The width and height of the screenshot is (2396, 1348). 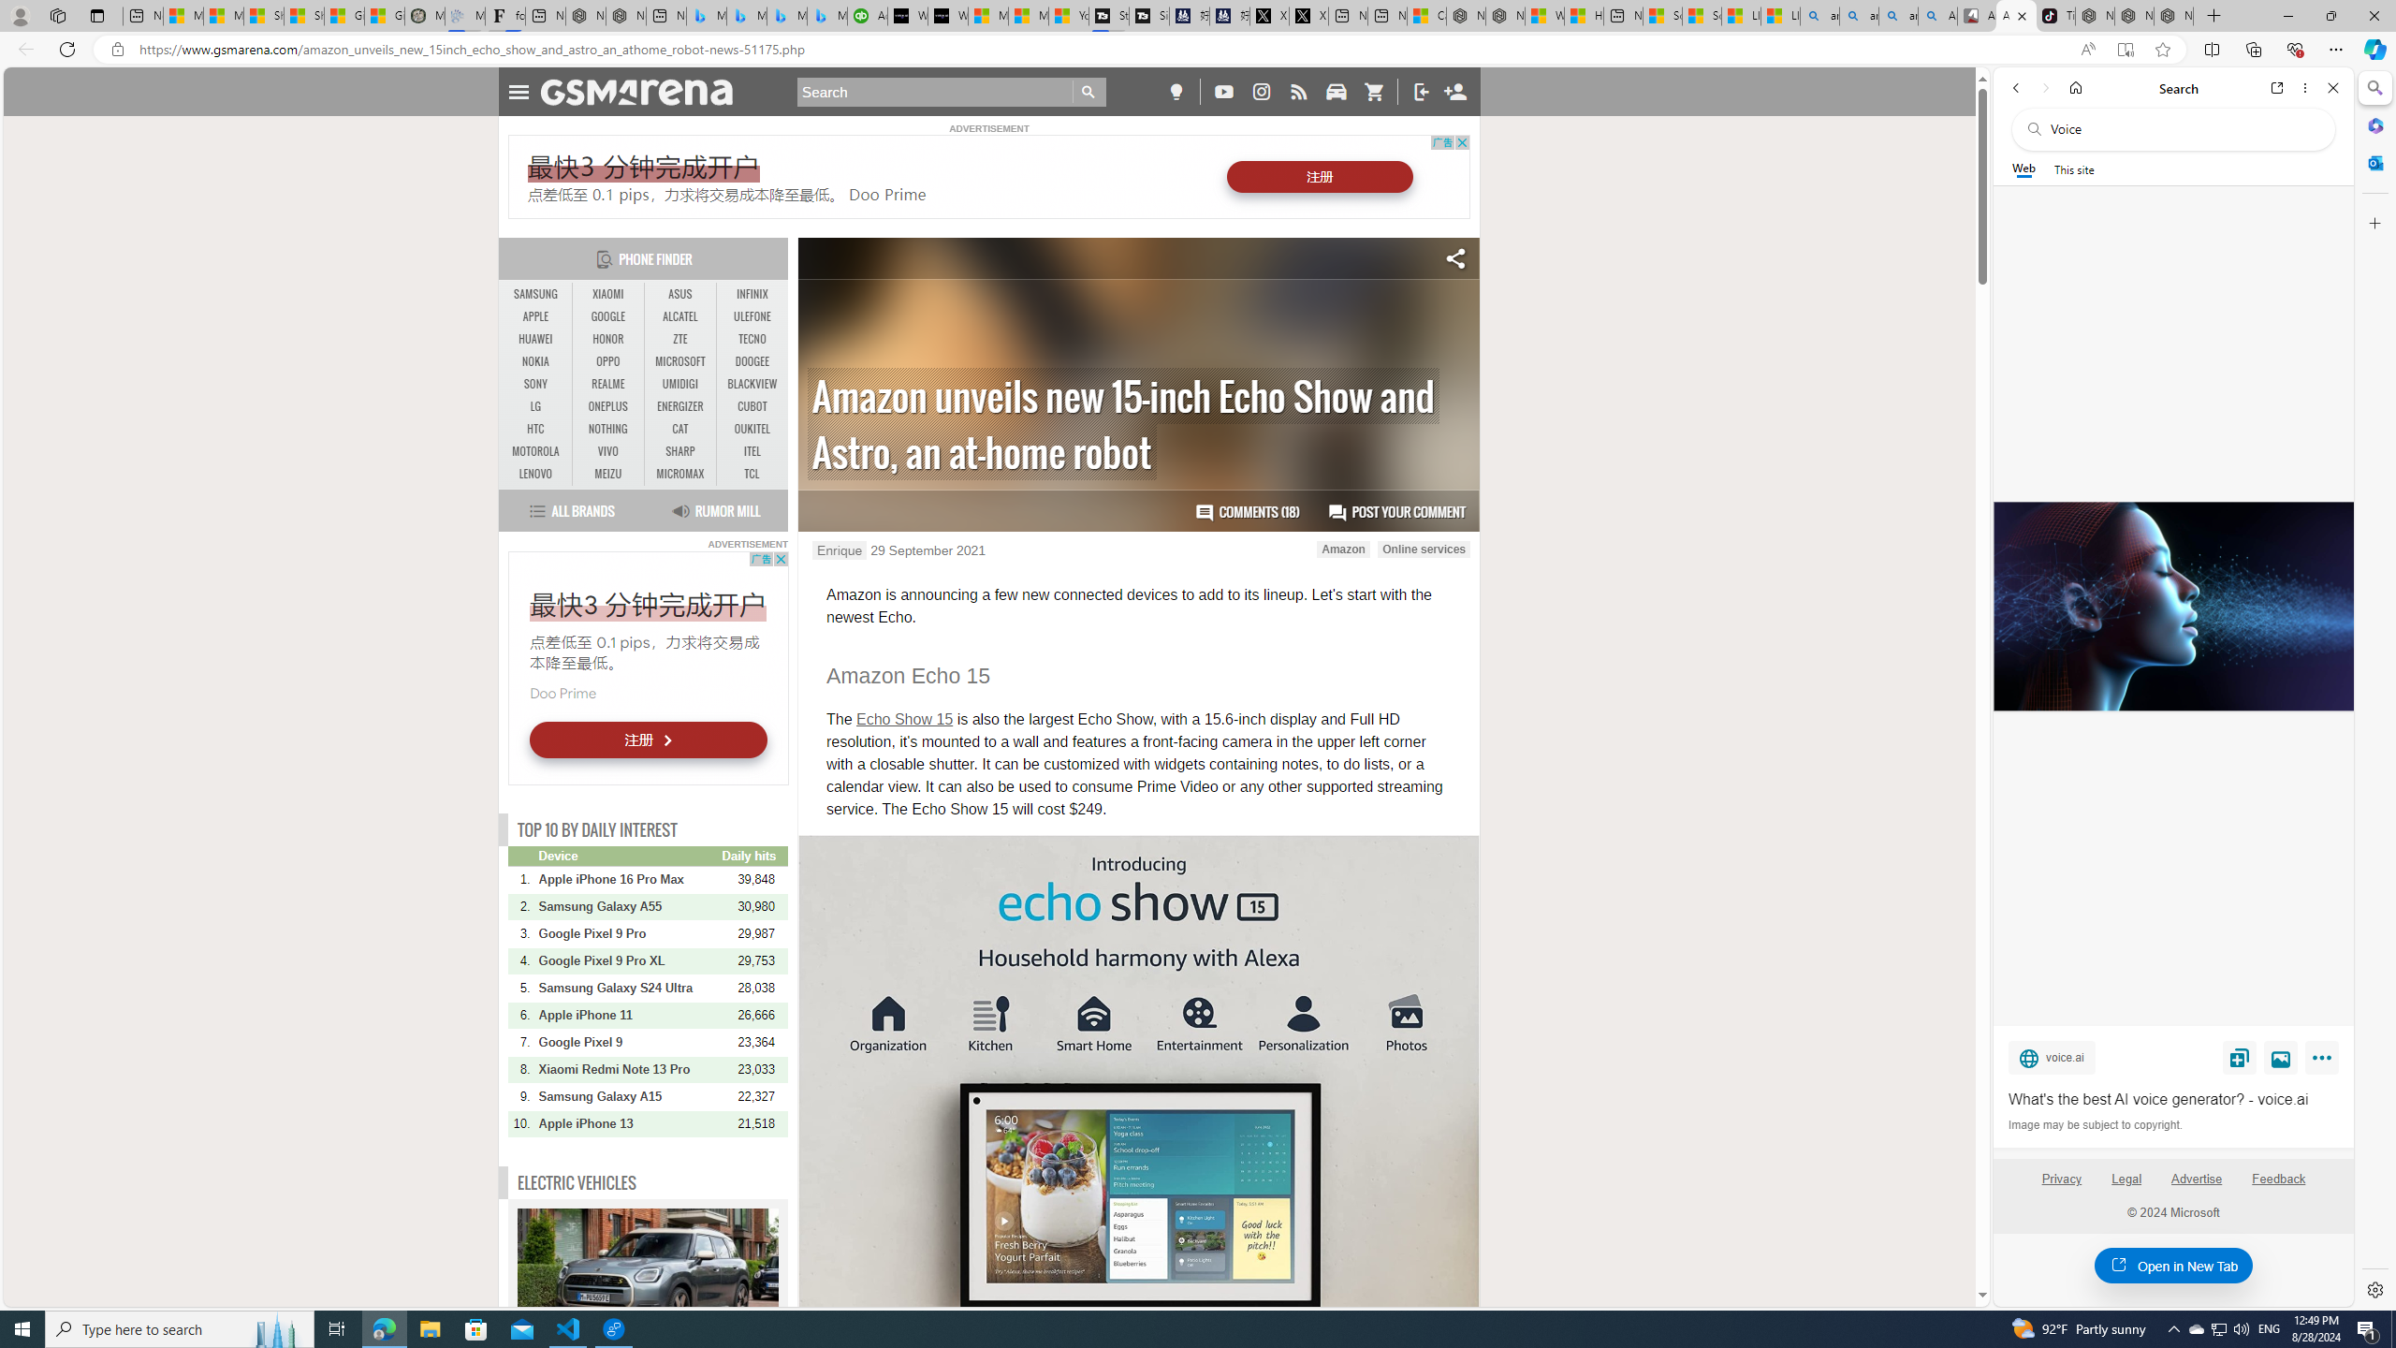 I want to click on 'NOTHING', so click(x=607, y=428).